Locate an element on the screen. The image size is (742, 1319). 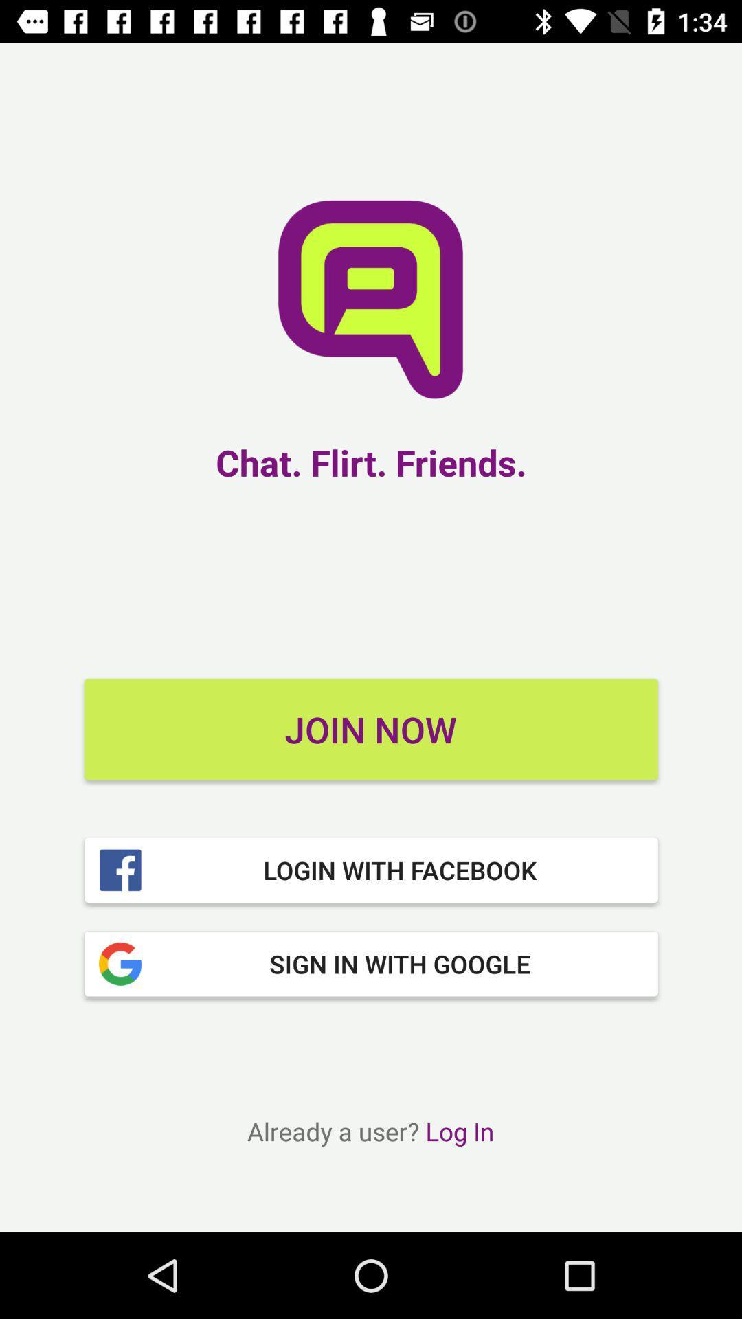
the sign in with is located at coordinates (371, 963).